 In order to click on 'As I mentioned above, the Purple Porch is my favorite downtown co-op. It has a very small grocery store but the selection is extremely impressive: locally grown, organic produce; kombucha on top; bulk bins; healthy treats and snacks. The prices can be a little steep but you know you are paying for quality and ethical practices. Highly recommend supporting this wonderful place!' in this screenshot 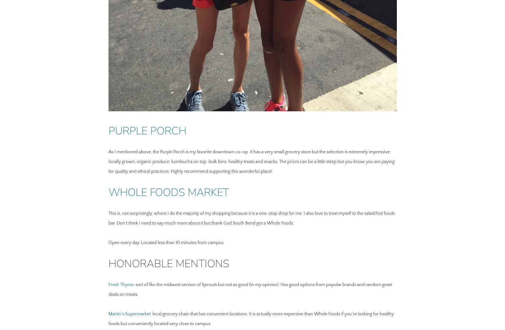, I will do `click(251, 161)`.